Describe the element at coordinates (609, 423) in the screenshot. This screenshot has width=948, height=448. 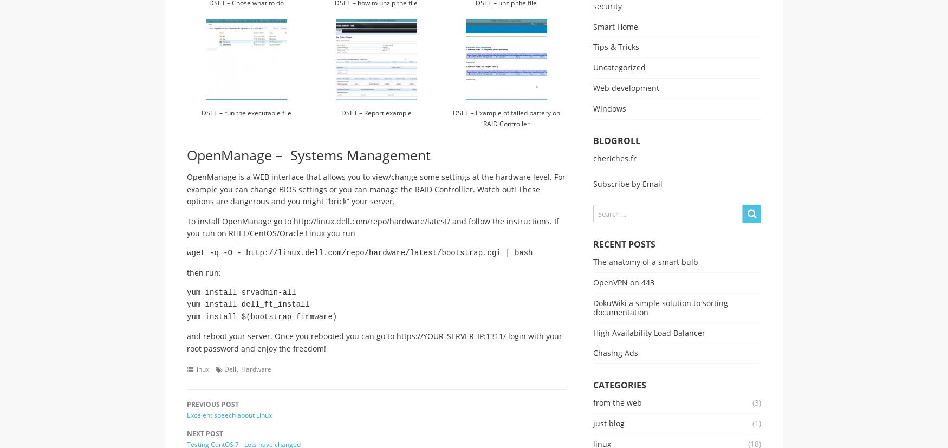
I see `'just blog'` at that location.